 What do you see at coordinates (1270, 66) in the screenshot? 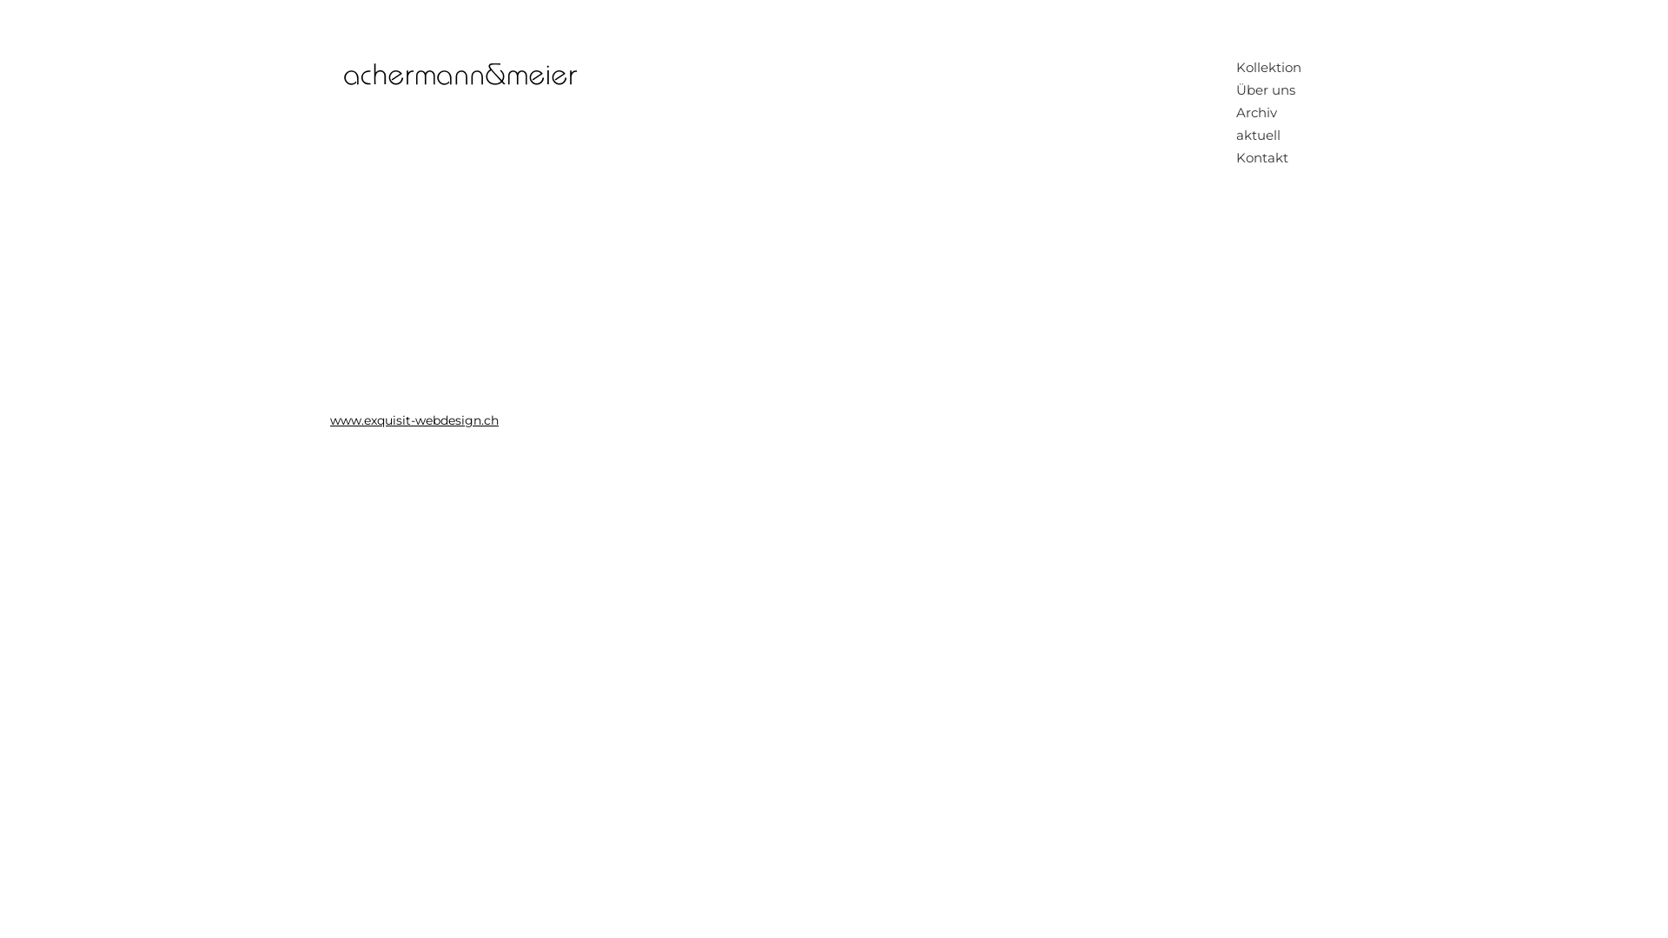
I see `'Kollektion'` at bounding box center [1270, 66].